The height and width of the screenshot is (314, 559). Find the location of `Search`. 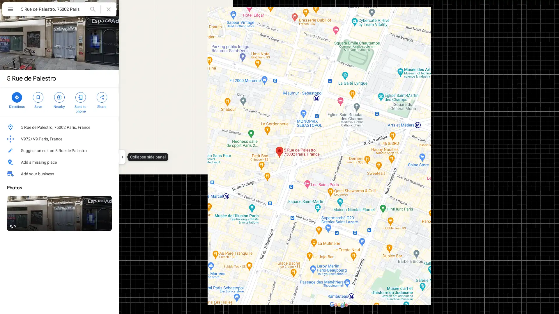

Search is located at coordinates (92, 9).